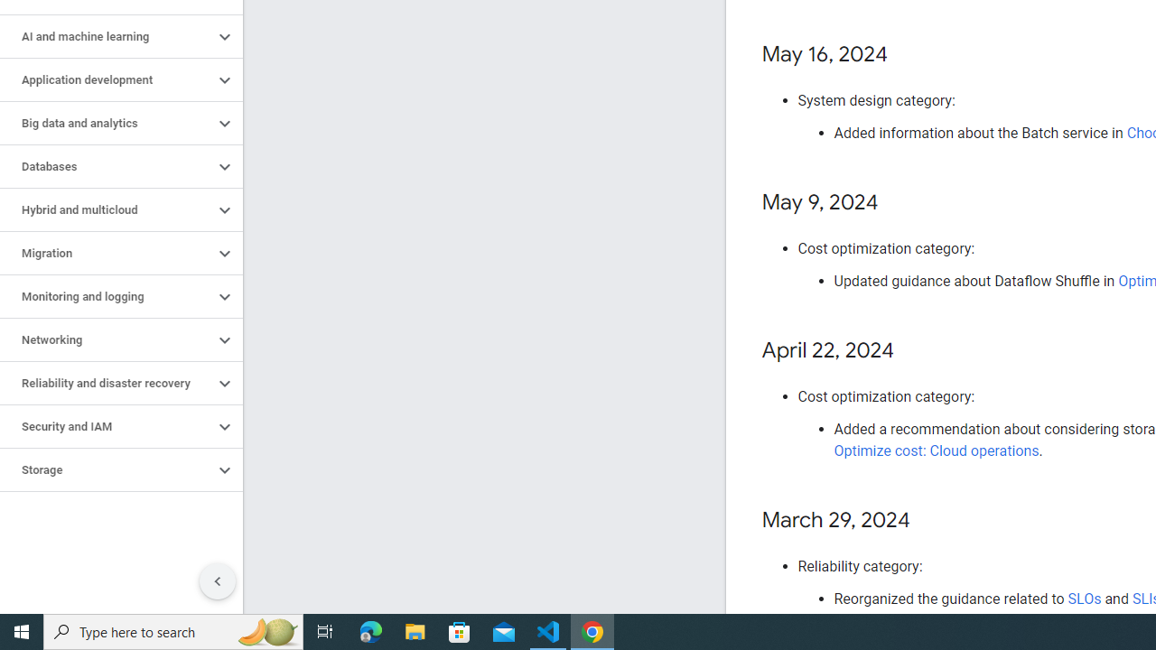  What do you see at coordinates (106, 339) in the screenshot?
I see `'Networking'` at bounding box center [106, 339].